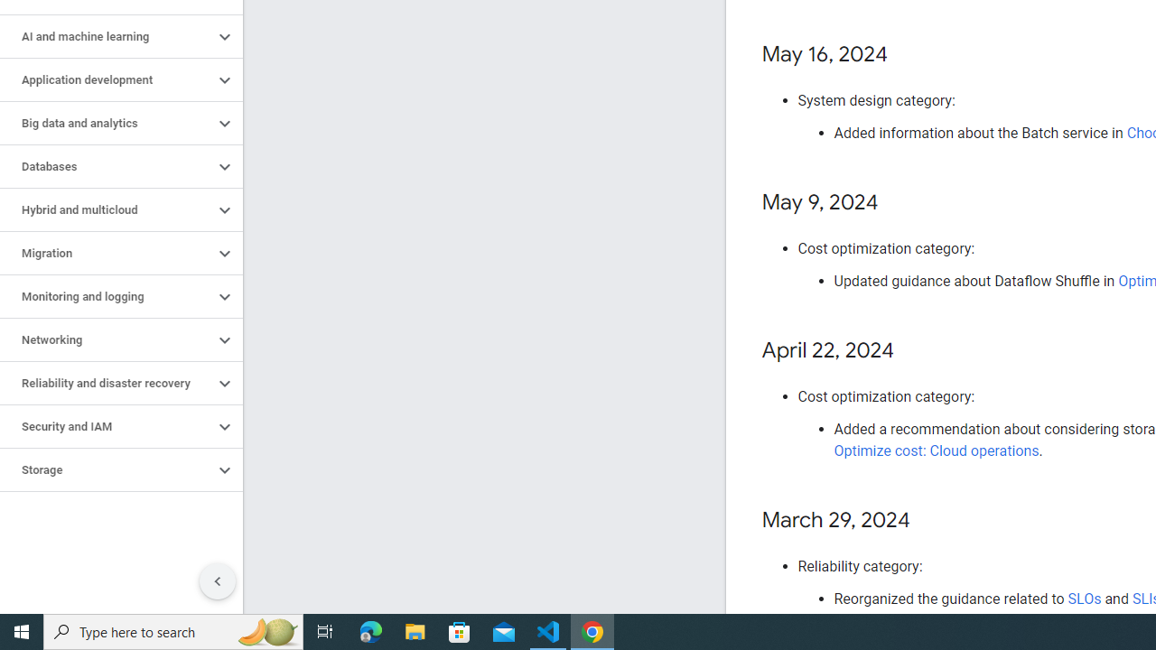  What do you see at coordinates (106, 339) in the screenshot?
I see `'Networking'` at bounding box center [106, 339].